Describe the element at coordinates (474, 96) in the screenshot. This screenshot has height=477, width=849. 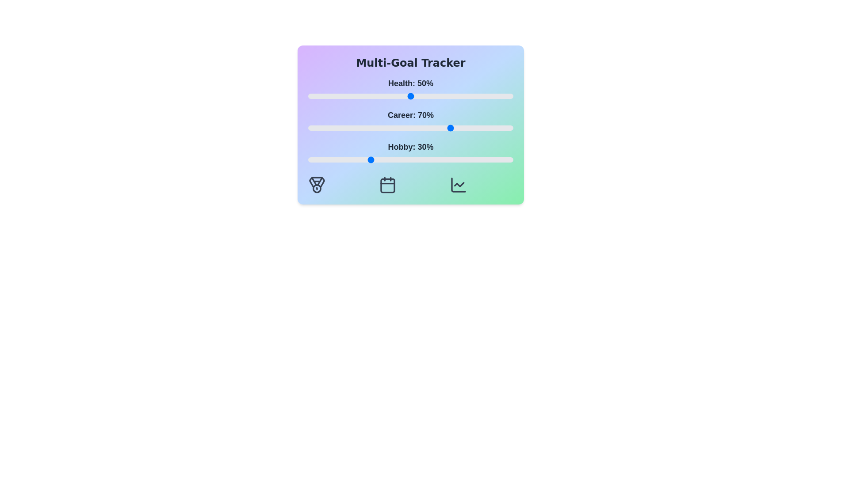
I see `the 'Health' slider to 81%` at that location.